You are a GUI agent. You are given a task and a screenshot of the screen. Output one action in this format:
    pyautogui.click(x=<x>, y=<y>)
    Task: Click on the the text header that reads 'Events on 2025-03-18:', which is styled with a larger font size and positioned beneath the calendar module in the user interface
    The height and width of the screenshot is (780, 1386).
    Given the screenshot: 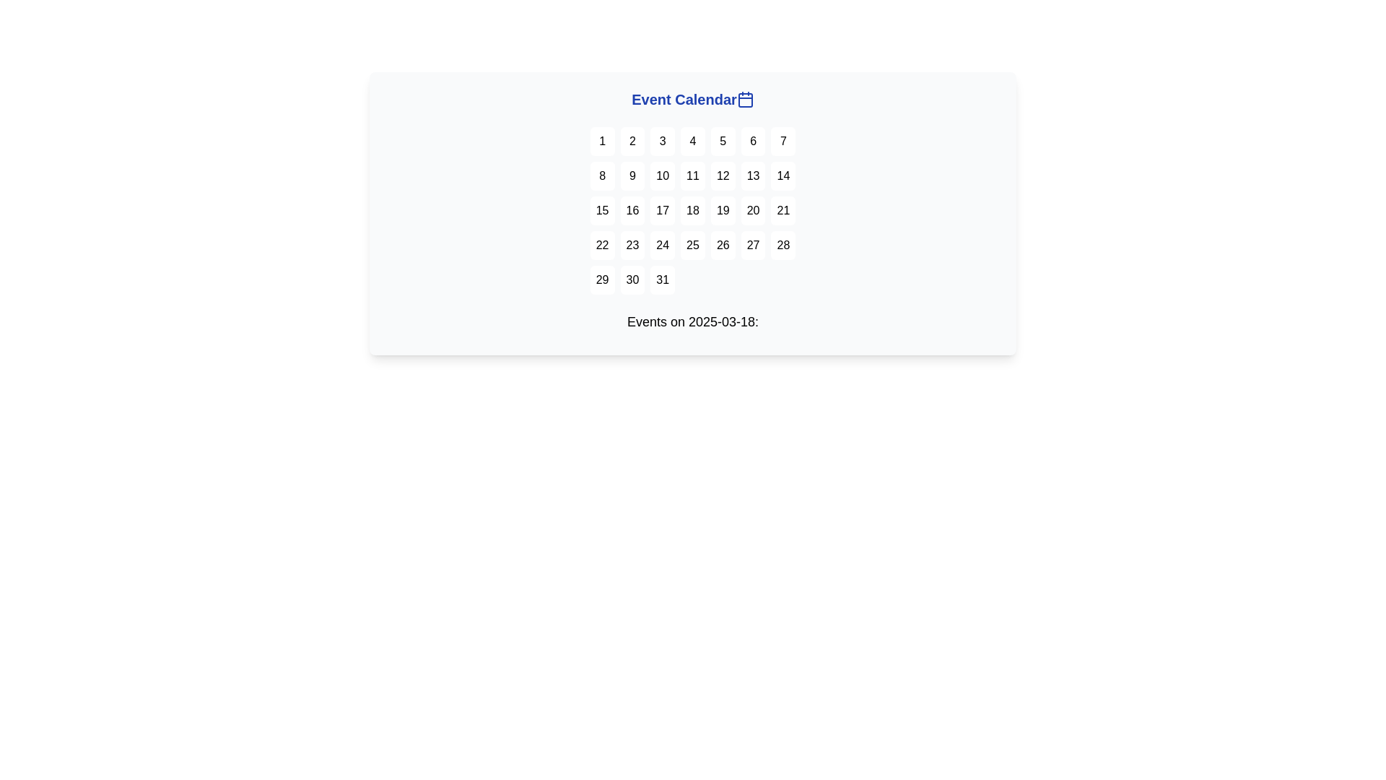 What is the action you would take?
    pyautogui.click(x=693, y=321)
    